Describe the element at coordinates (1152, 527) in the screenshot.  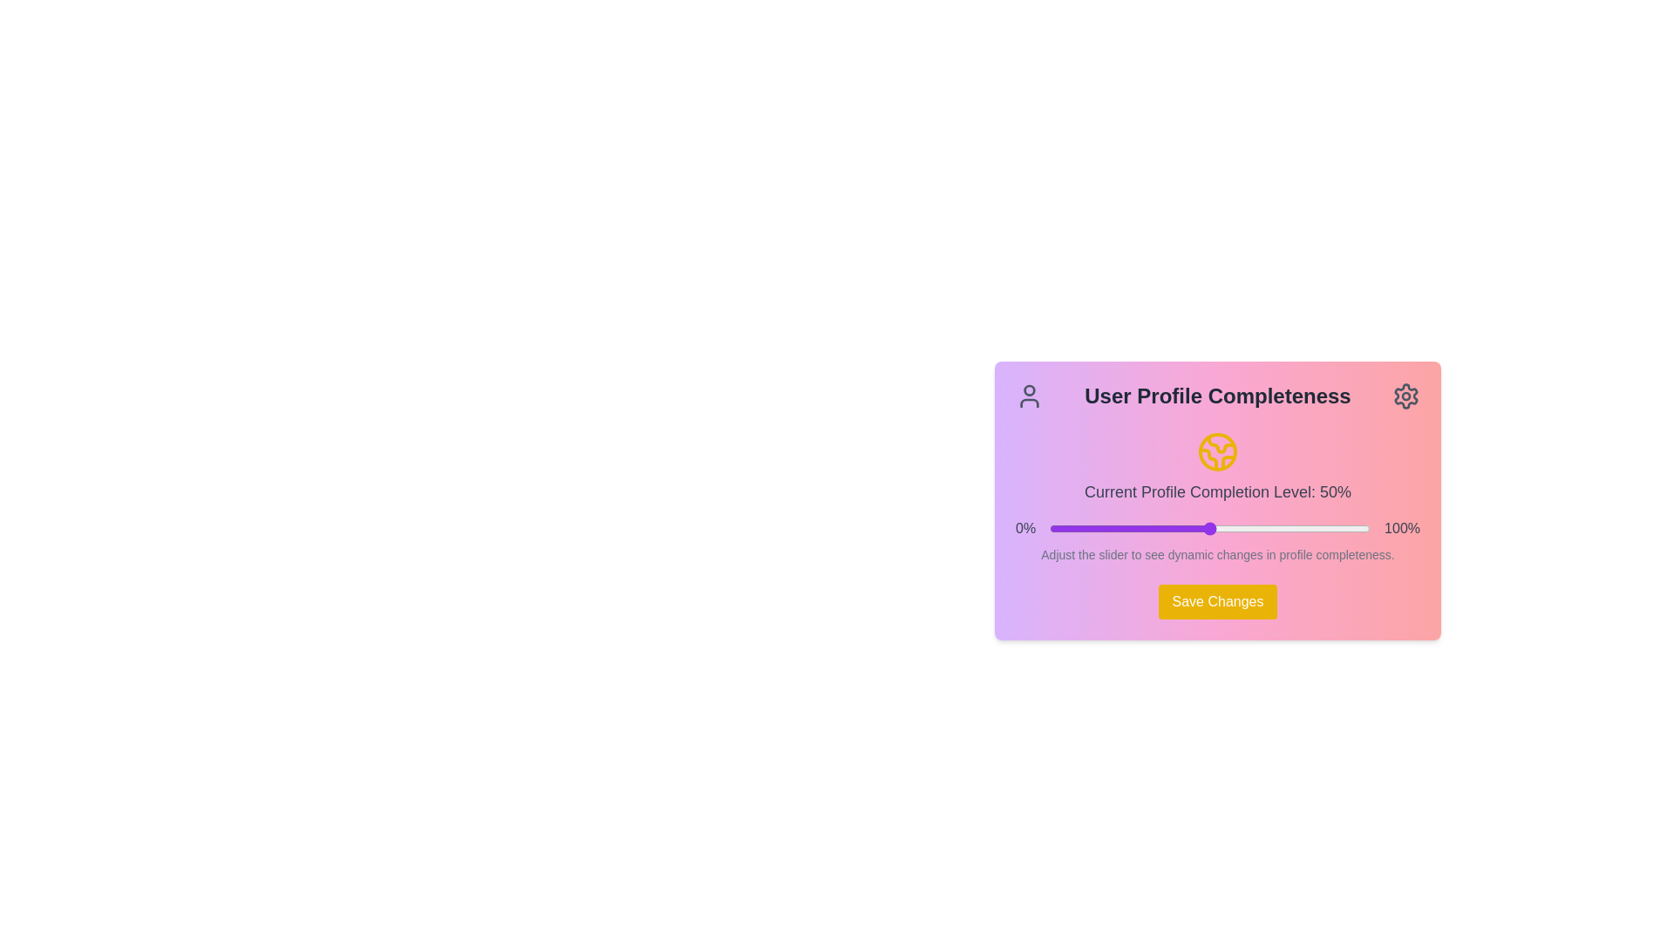
I see `the profile completion percentage` at that location.